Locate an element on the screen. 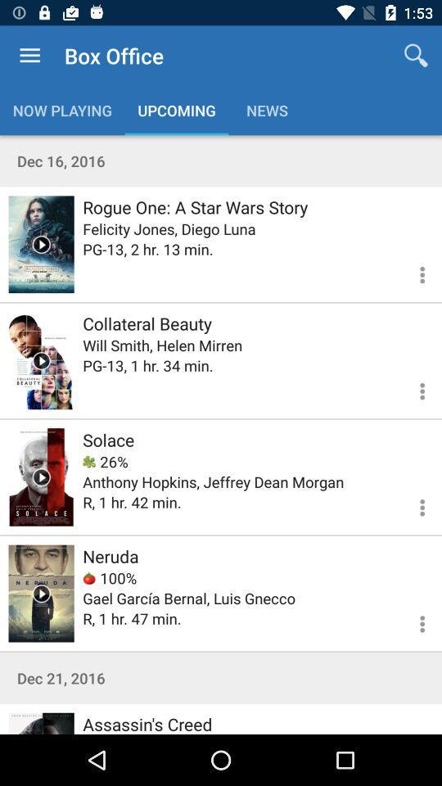 The height and width of the screenshot is (786, 442). the icon above the pg 13 1 item is located at coordinates (162, 345).